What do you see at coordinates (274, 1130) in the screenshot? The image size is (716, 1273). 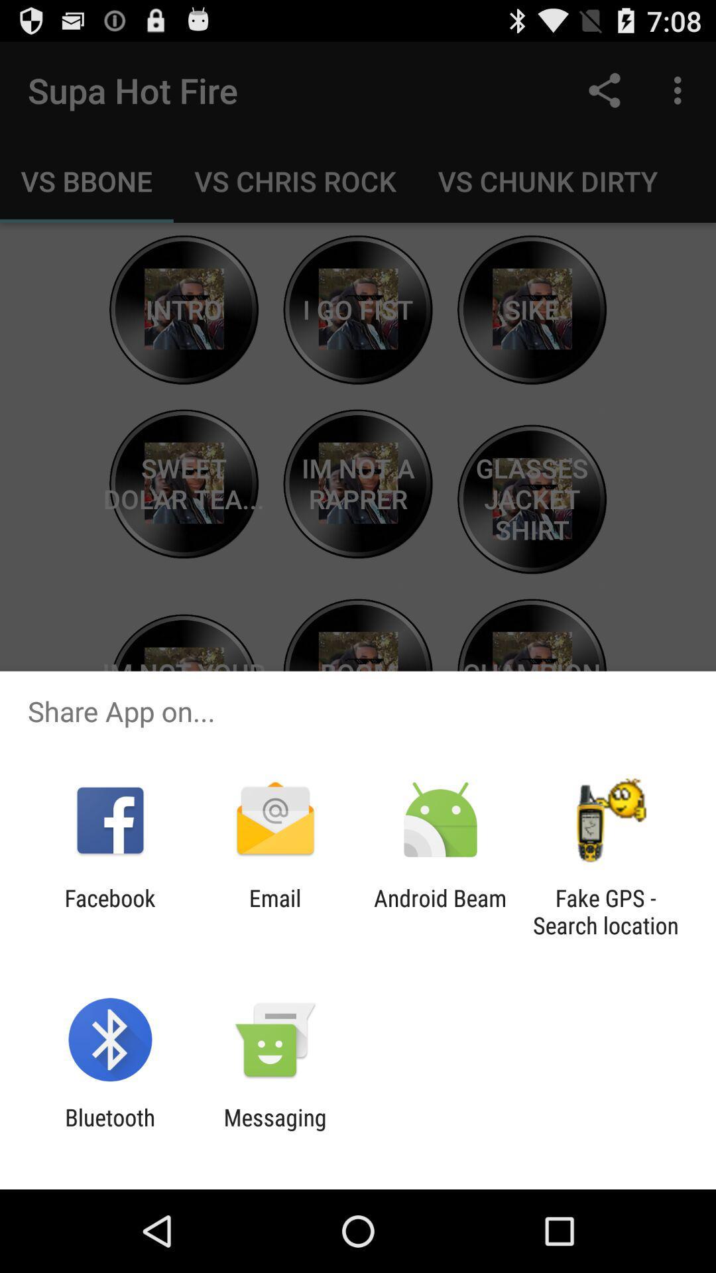 I see `messaging app` at bounding box center [274, 1130].